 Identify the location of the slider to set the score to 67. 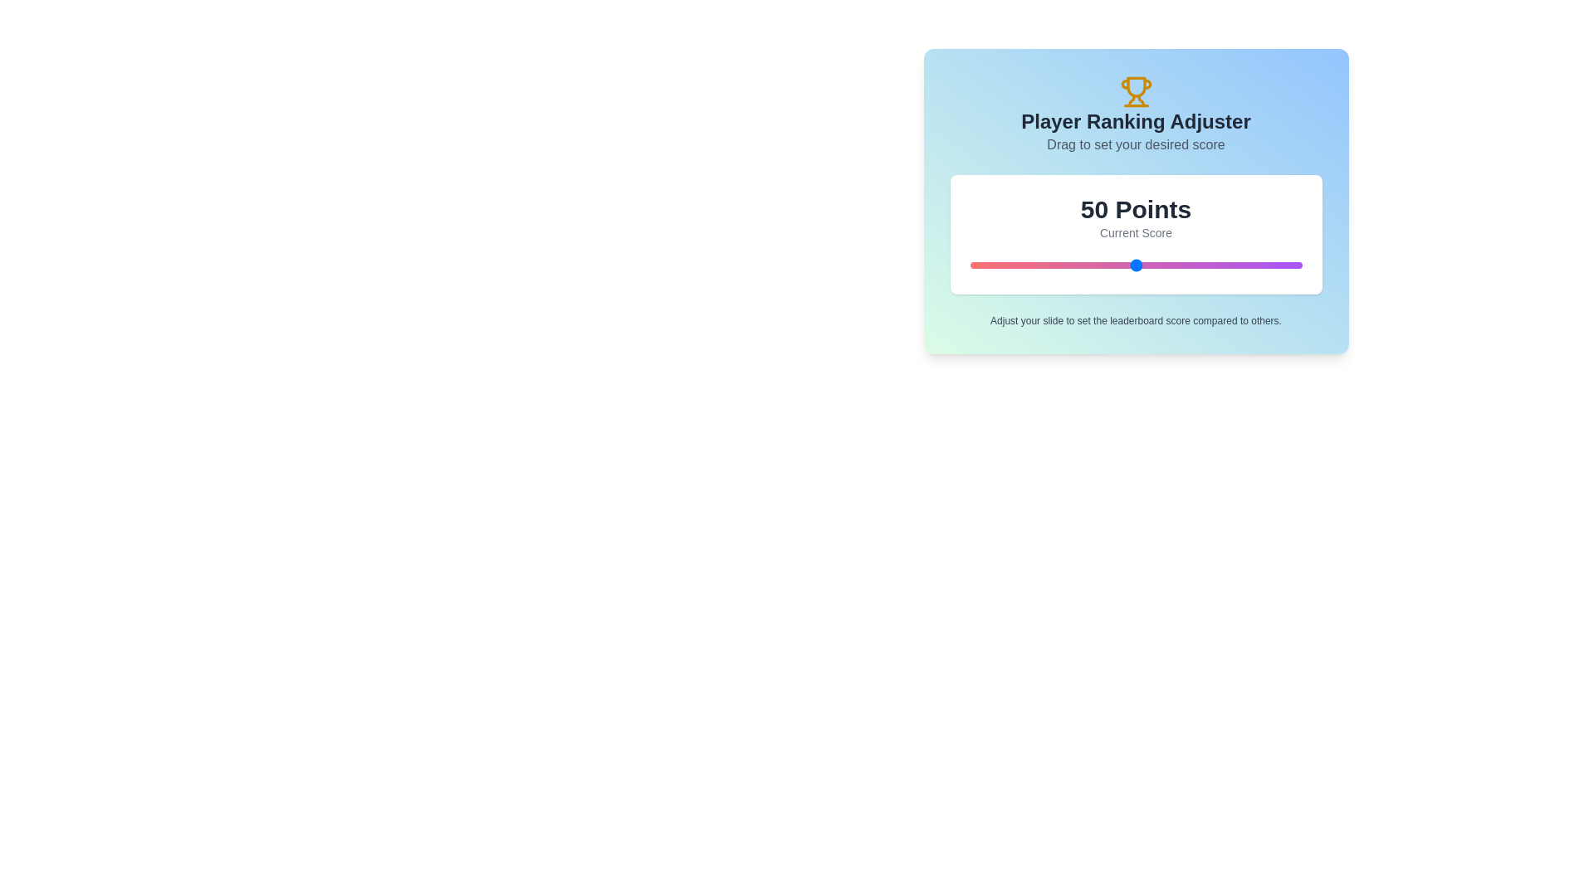
(1191, 265).